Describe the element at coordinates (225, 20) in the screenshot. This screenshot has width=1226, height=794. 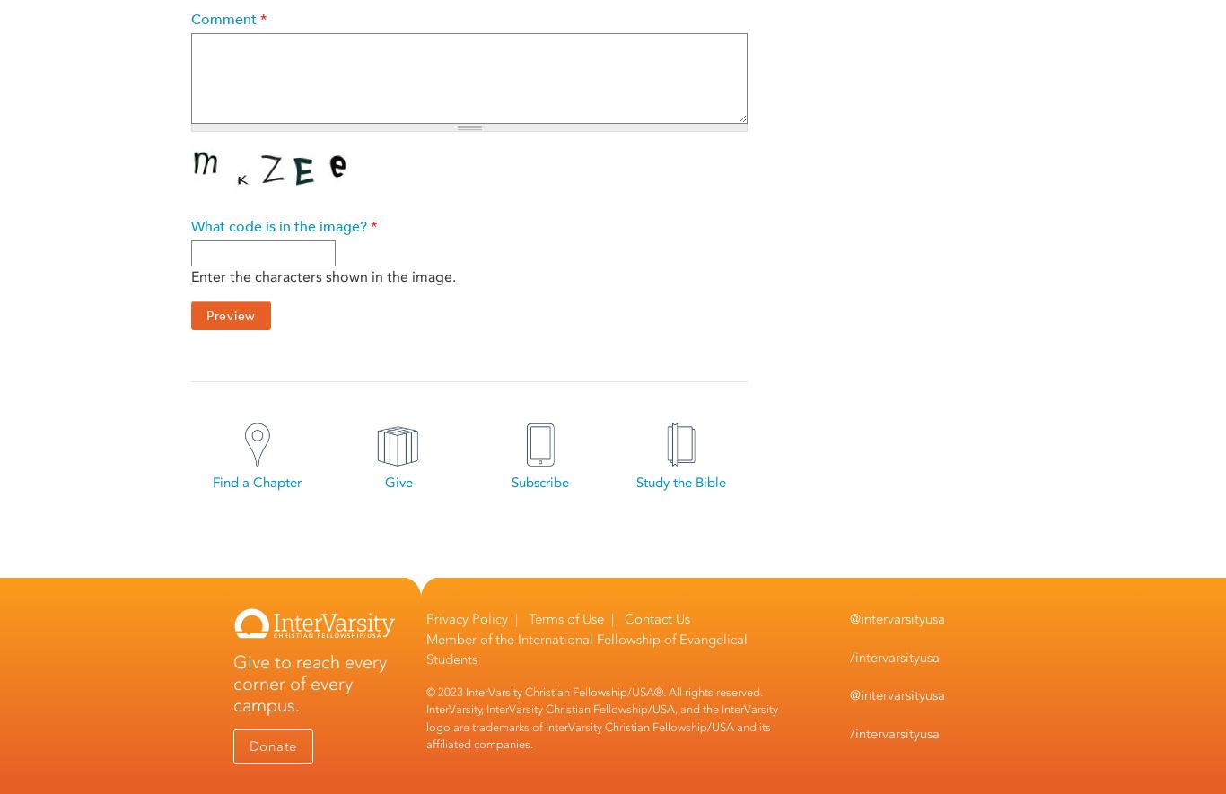
I see `'Comment'` at that location.